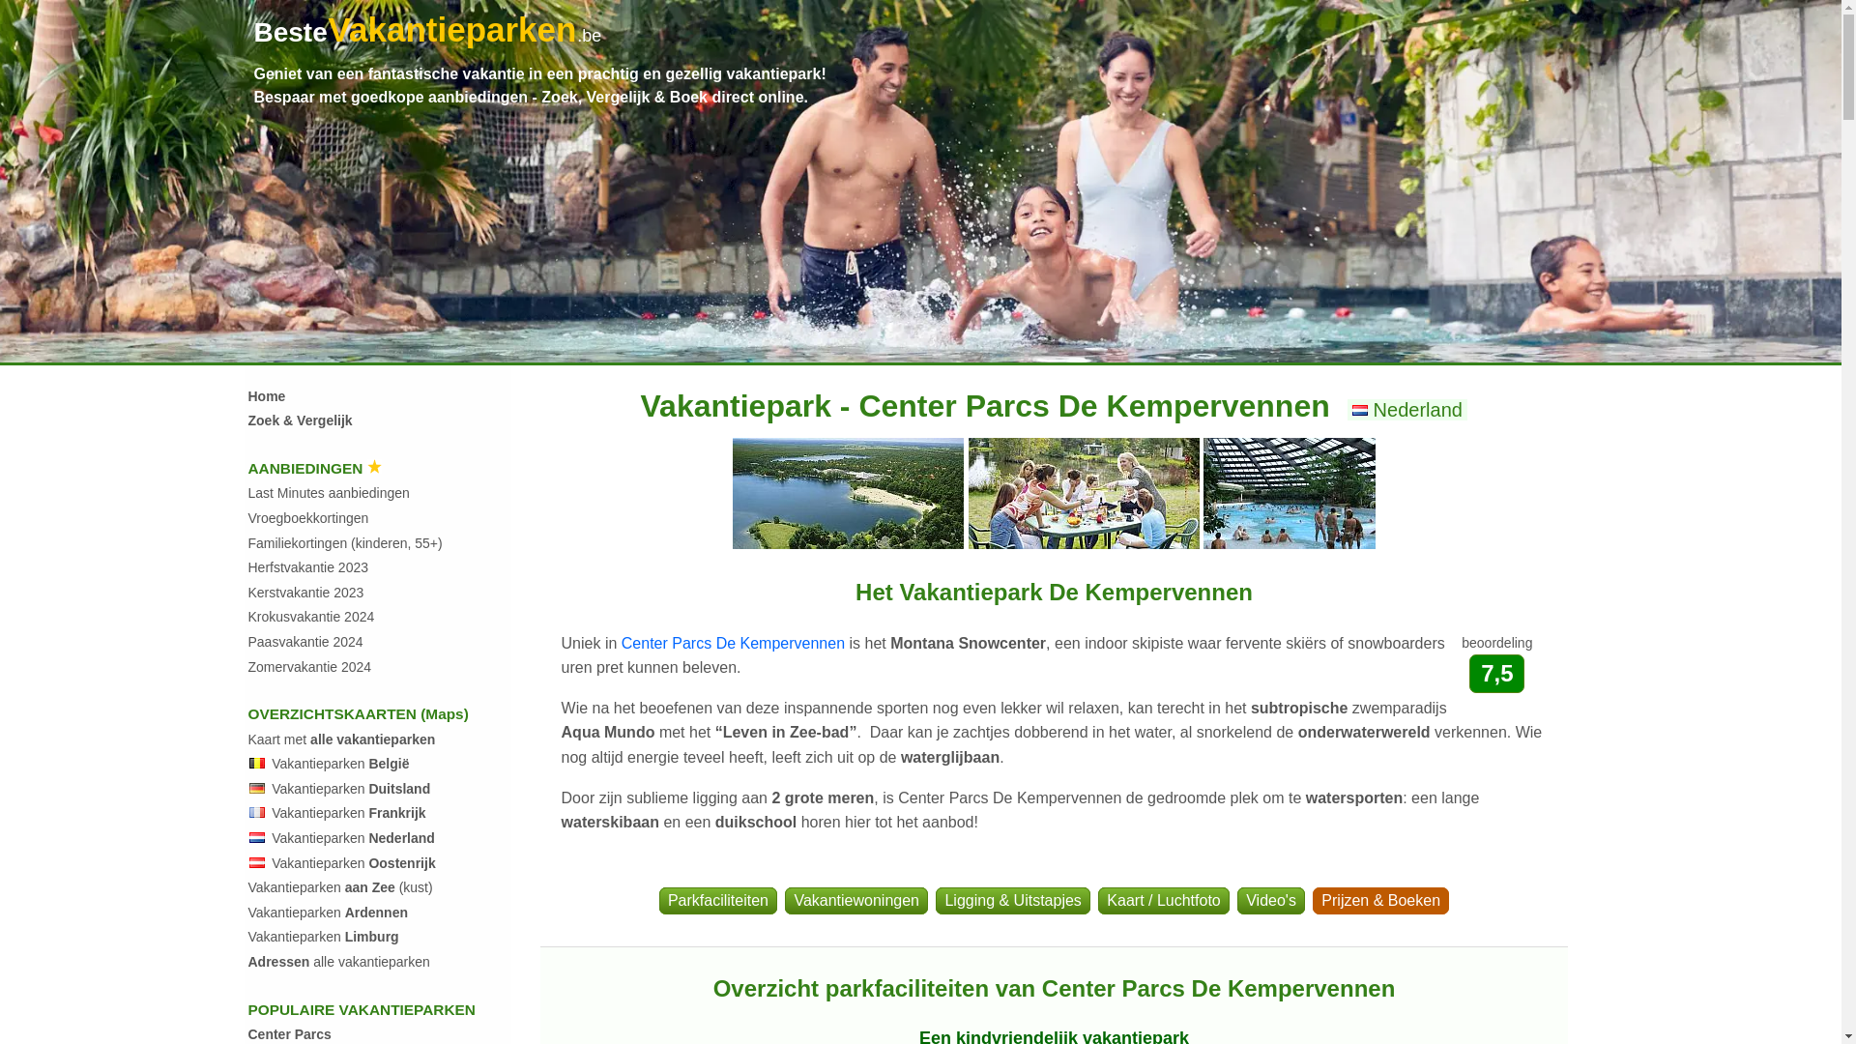 This screenshot has height=1044, width=1856. What do you see at coordinates (1098, 901) in the screenshot?
I see `'Kaart / Luchtfoto'` at bounding box center [1098, 901].